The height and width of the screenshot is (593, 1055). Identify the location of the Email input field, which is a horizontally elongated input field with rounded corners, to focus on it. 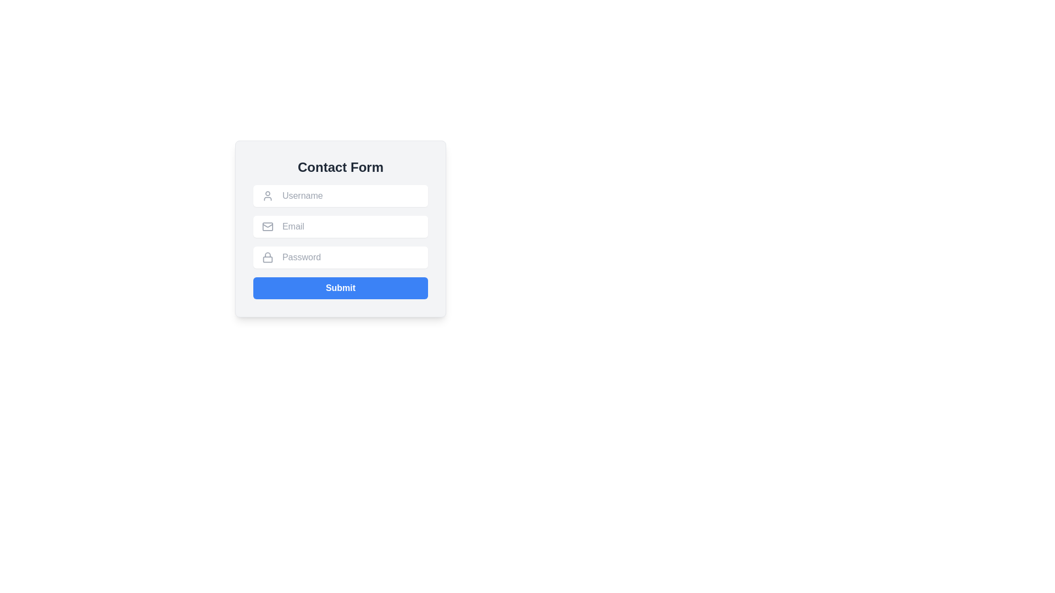
(350, 226).